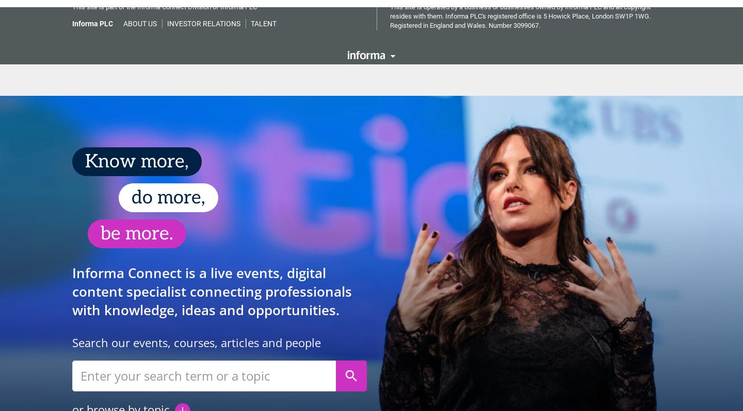 The image size is (743, 411). What do you see at coordinates (272, 72) in the screenshot?
I see `'Marketing Solutions'` at bounding box center [272, 72].